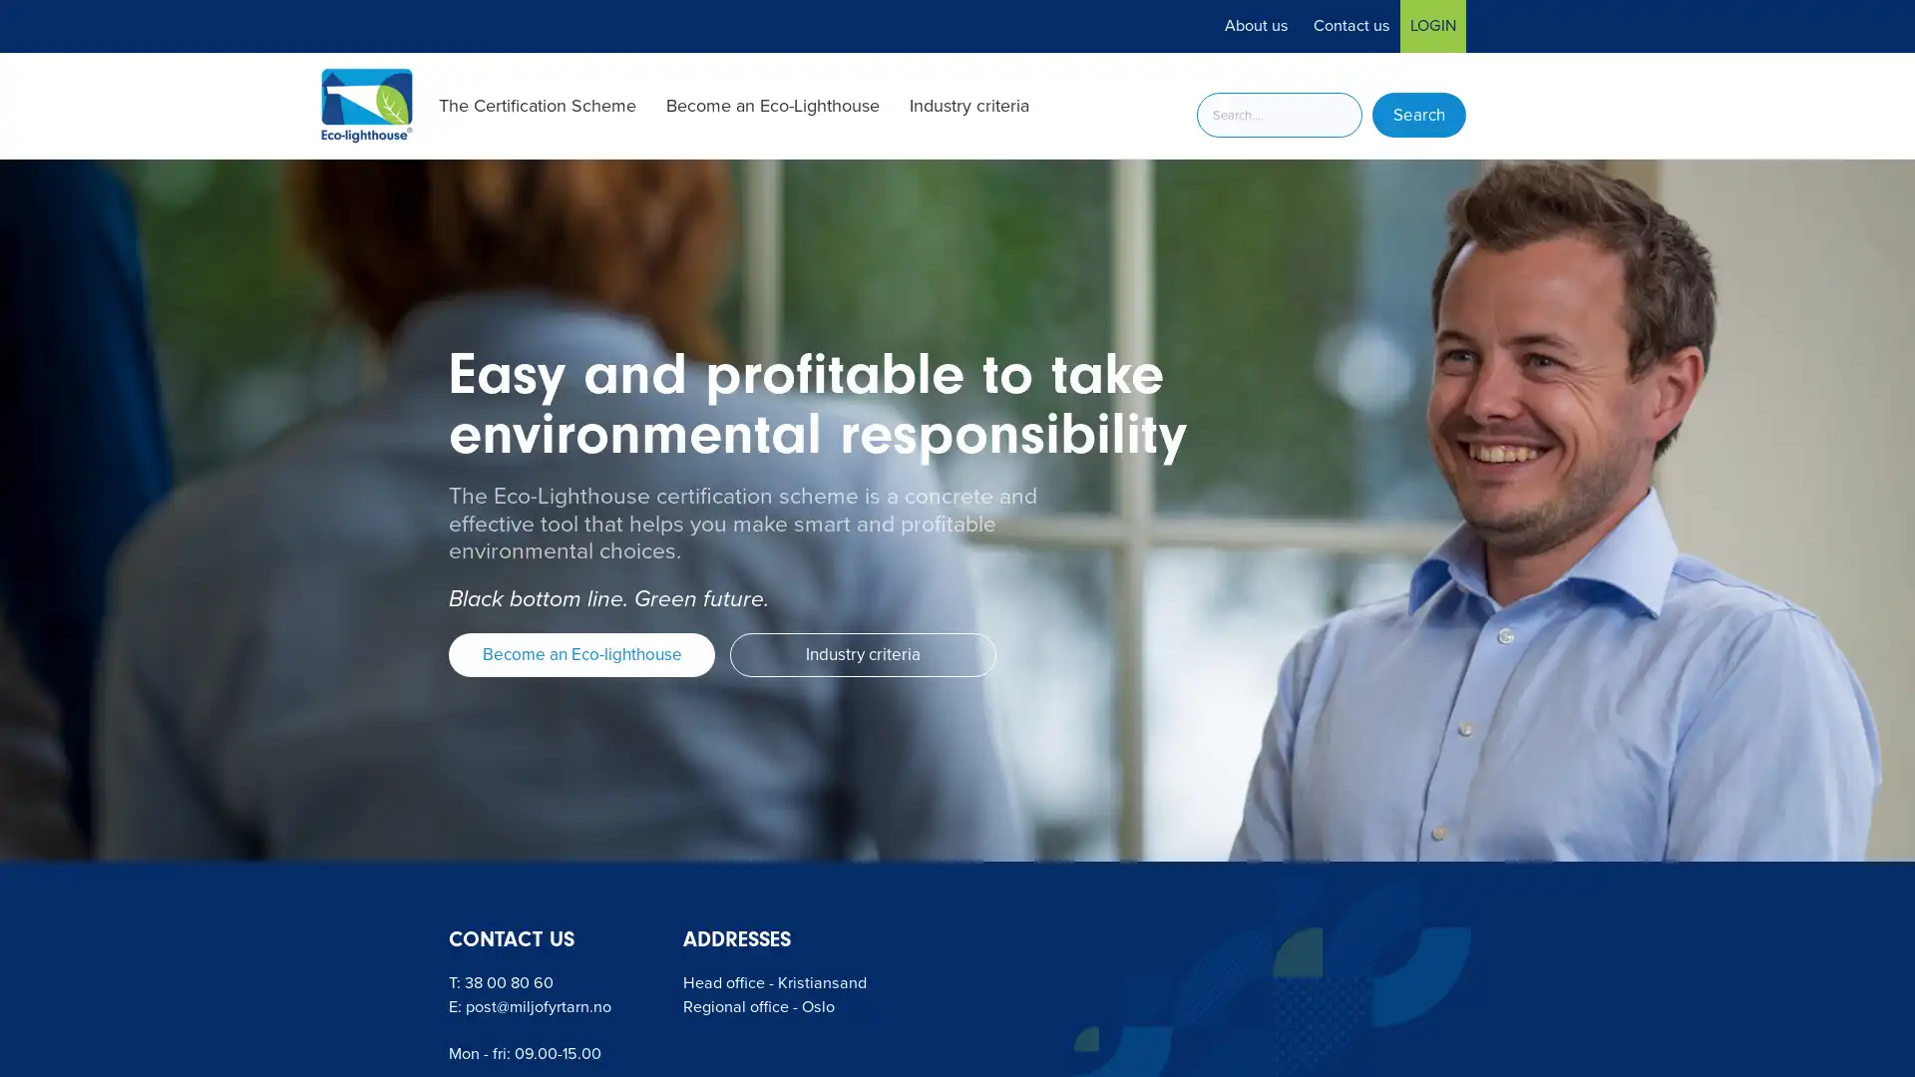 This screenshot has width=1915, height=1077. What do you see at coordinates (1417, 115) in the screenshot?
I see `Search` at bounding box center [1417, 115].